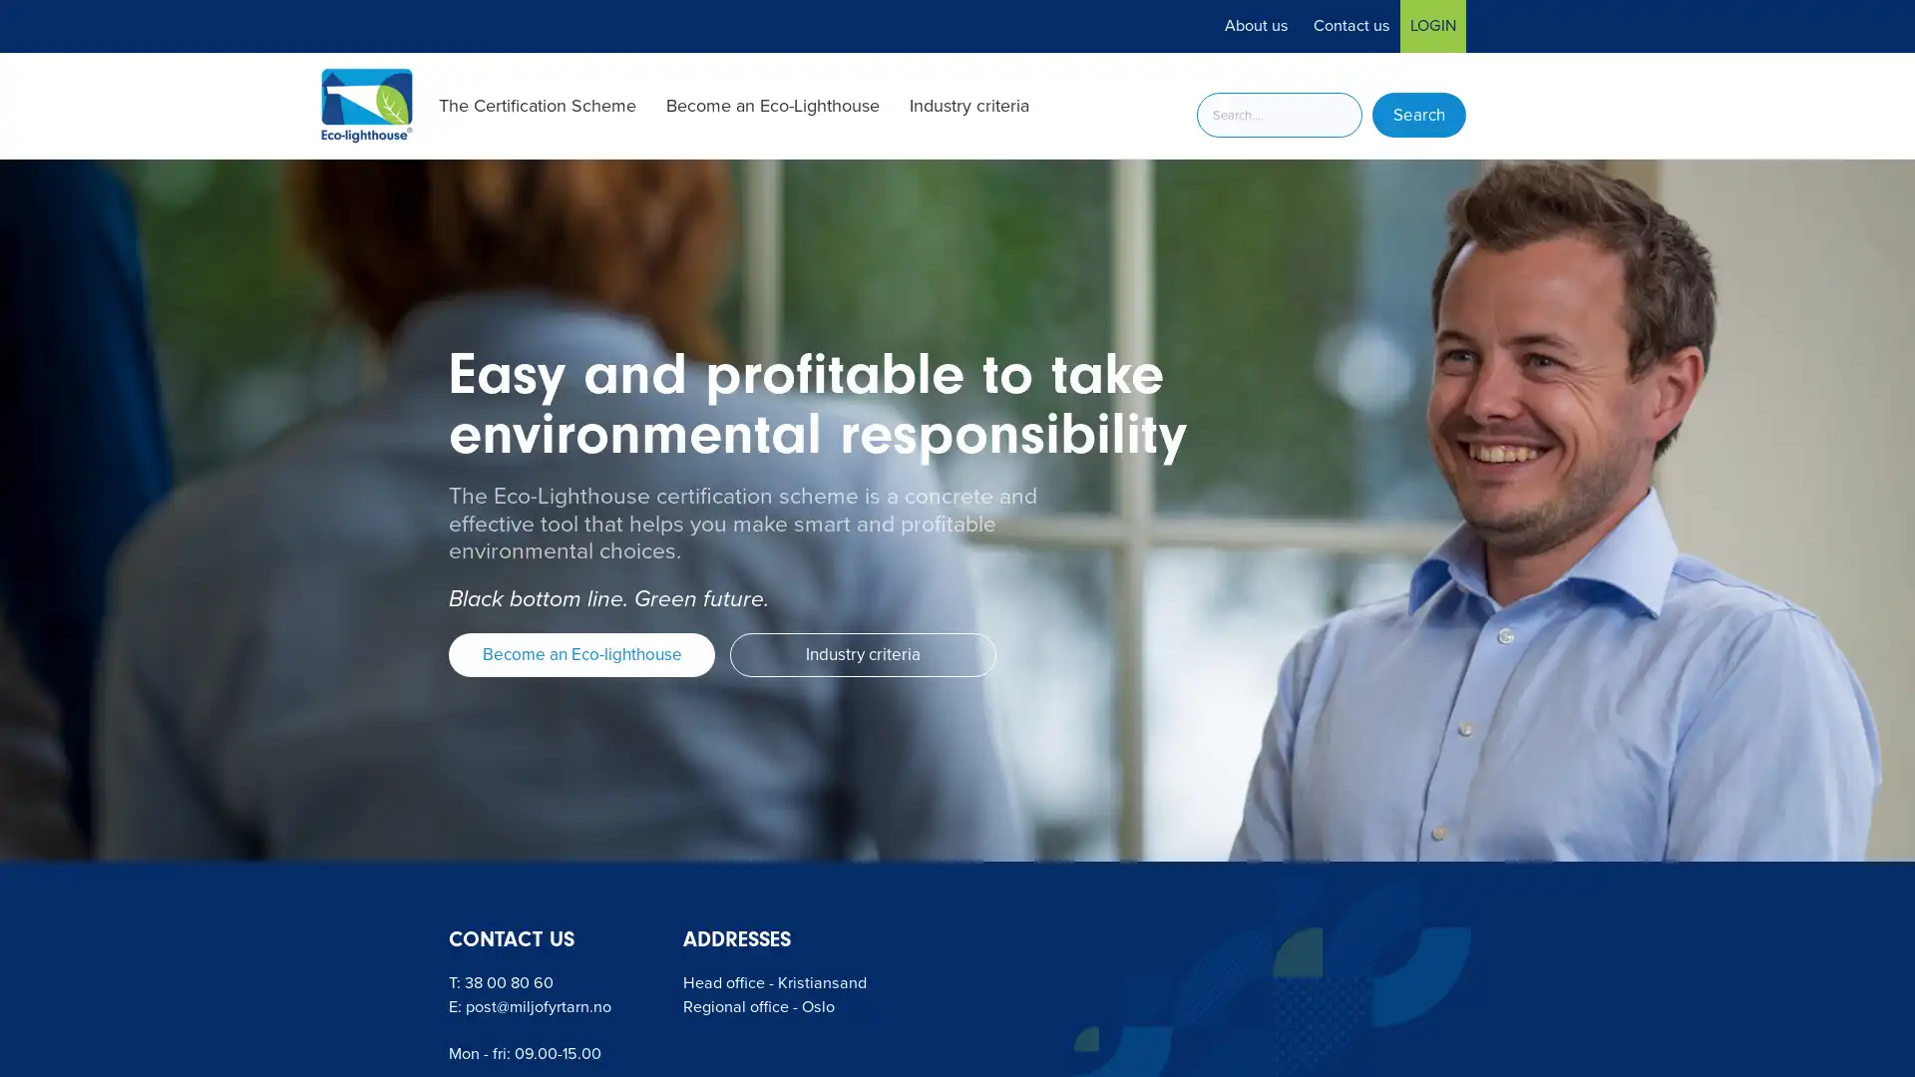 This screenshot has width=1915, height=1077. What do you see at coordinates (1417, 115) in the screenshot?
I see `Search` at bounding box center [1417, 115].